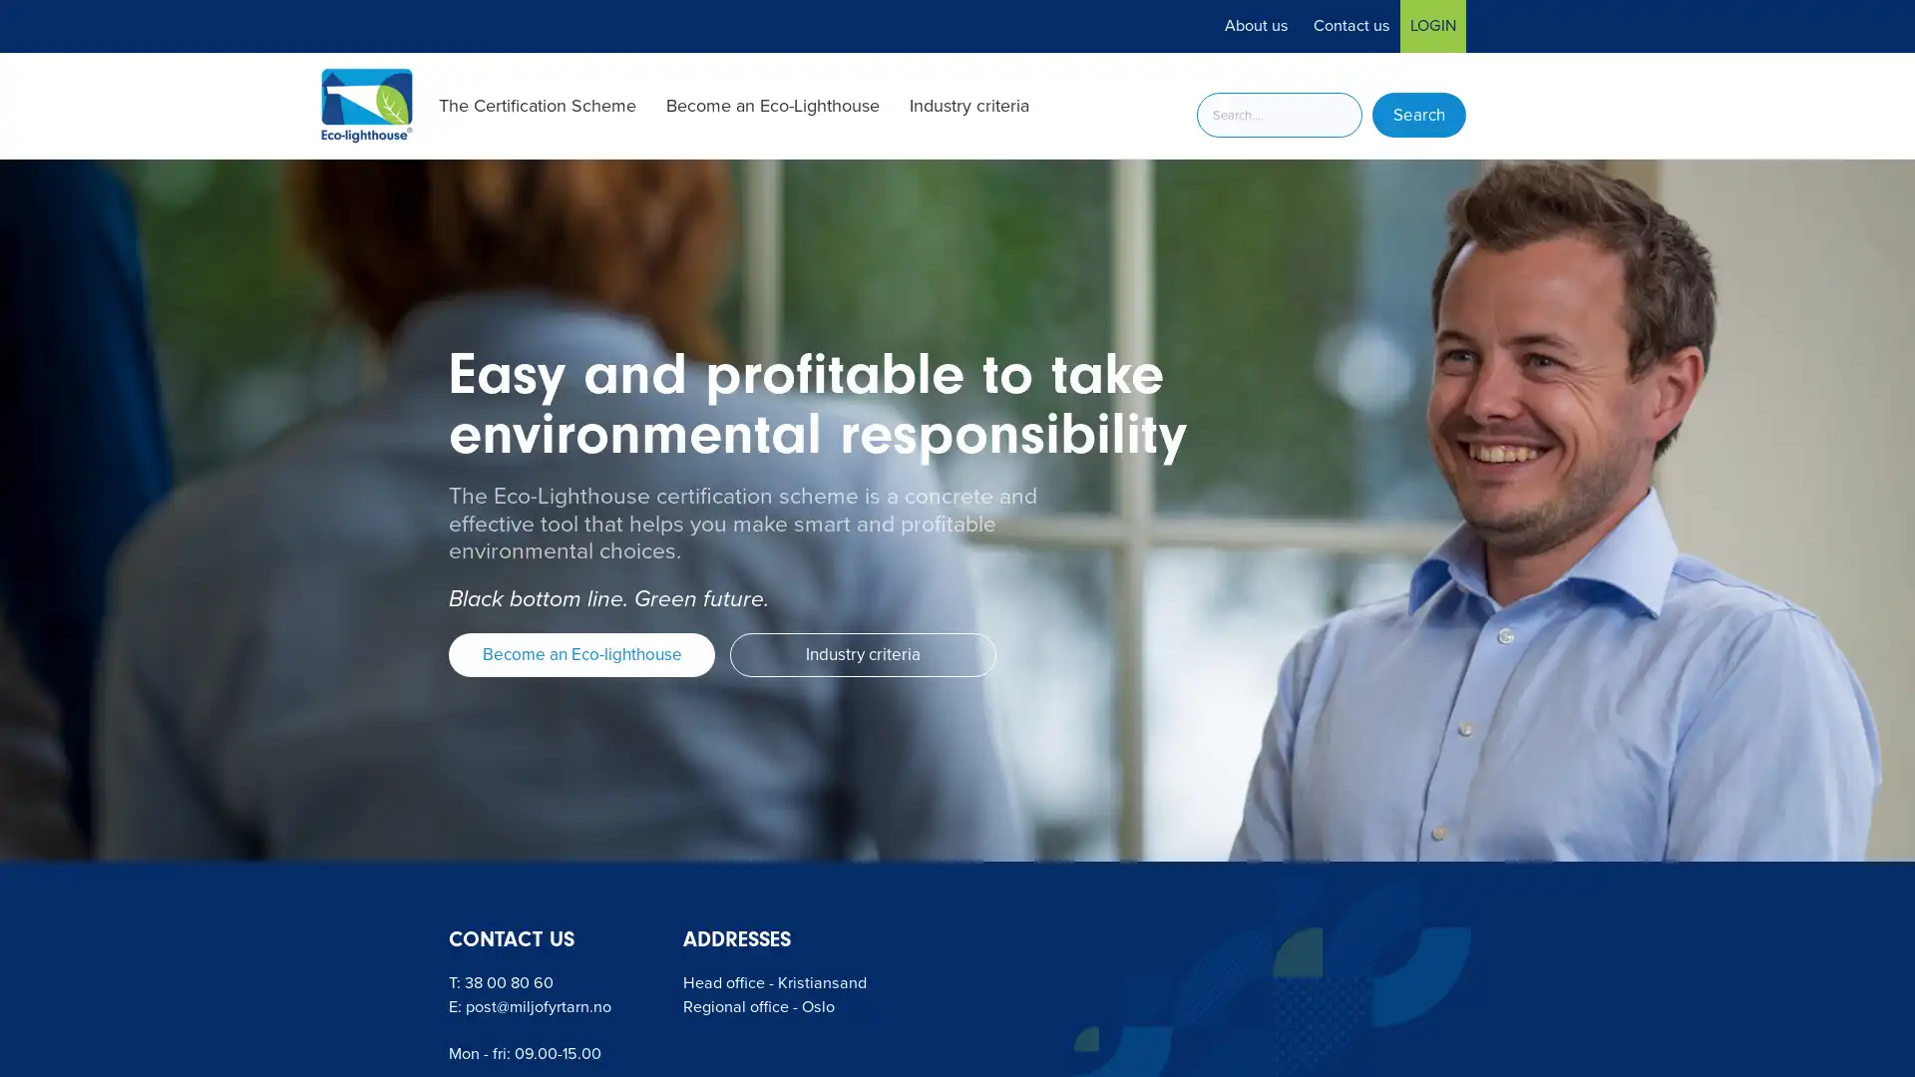 This screenshot has width=1915, height=1077. What do you see at coordinates (1417, 115) in the screenshot?
I see `Search` at bounding box center [1417, 115].